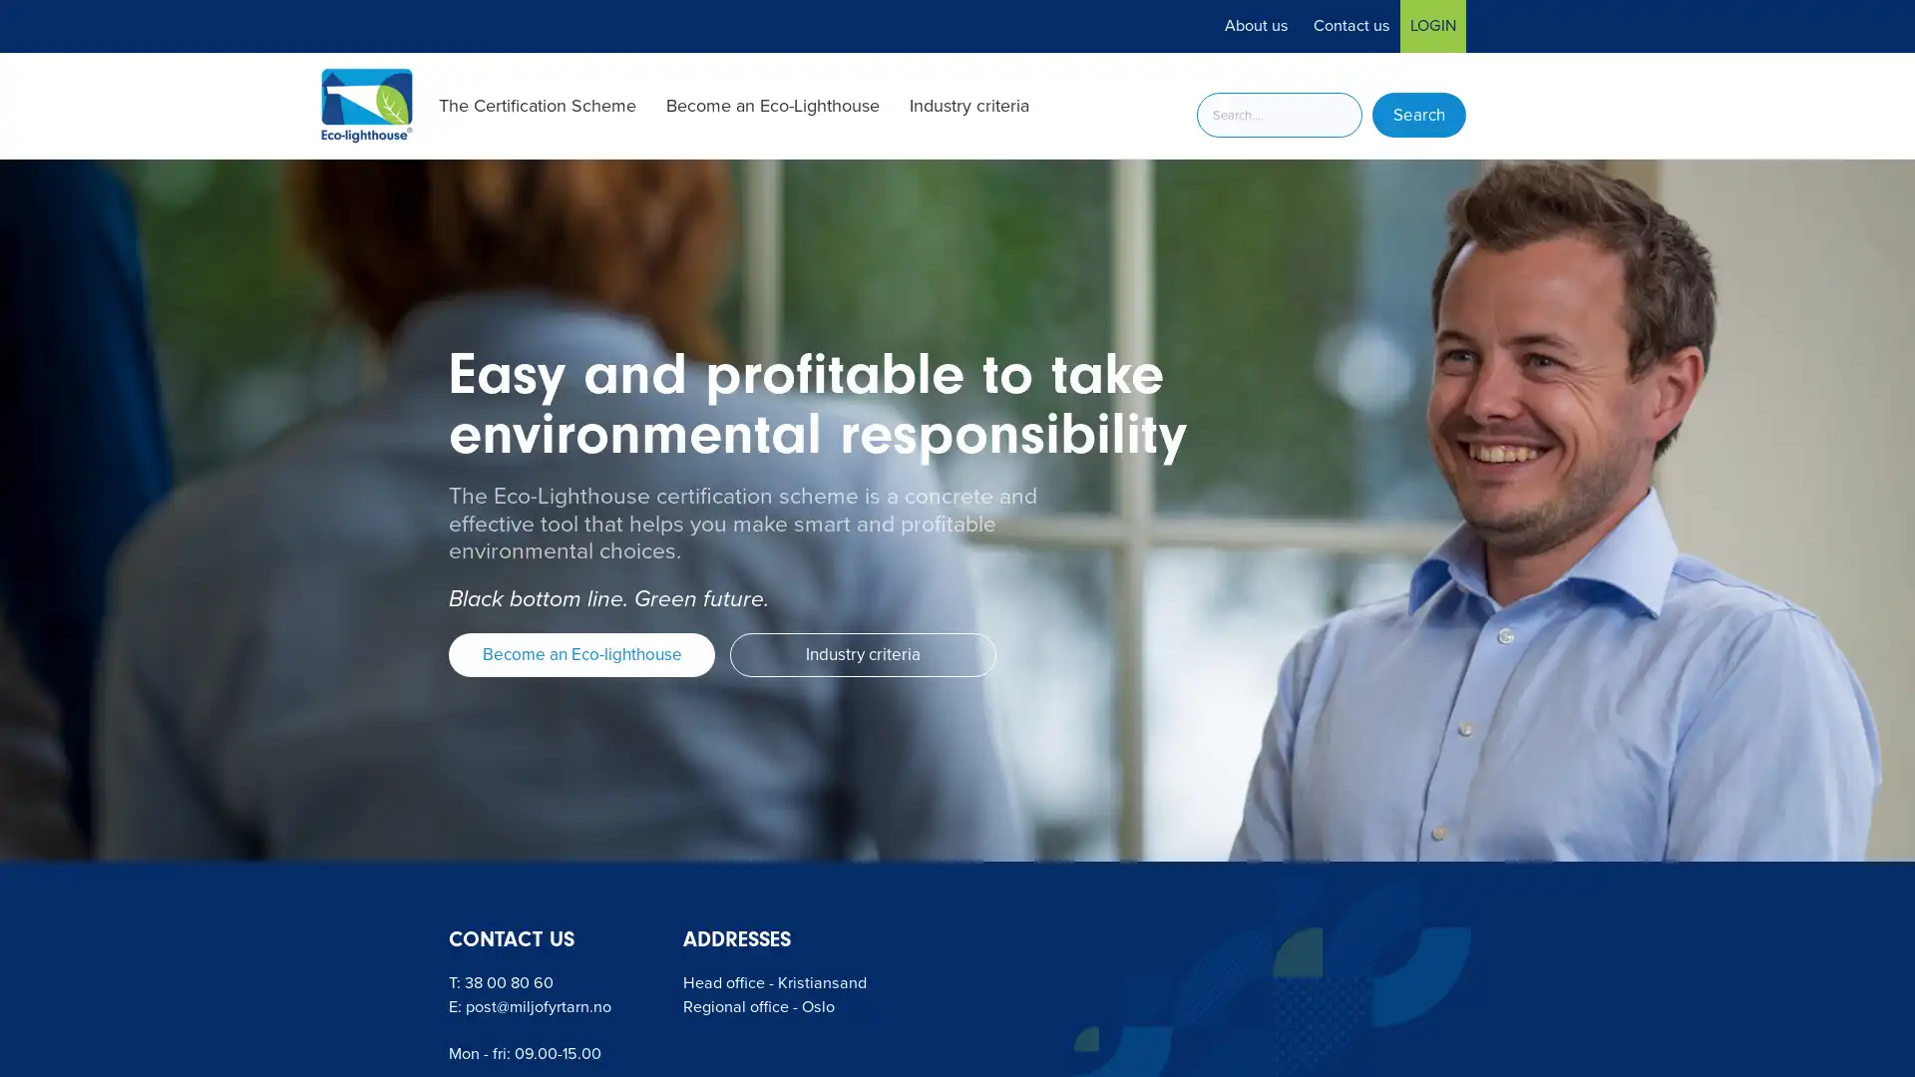 This screenshot has width=1915, height=1077. What do you see at coordinates (1417, 115) in the screenshot?
I see `Search` at bounding box center [1417, 115].